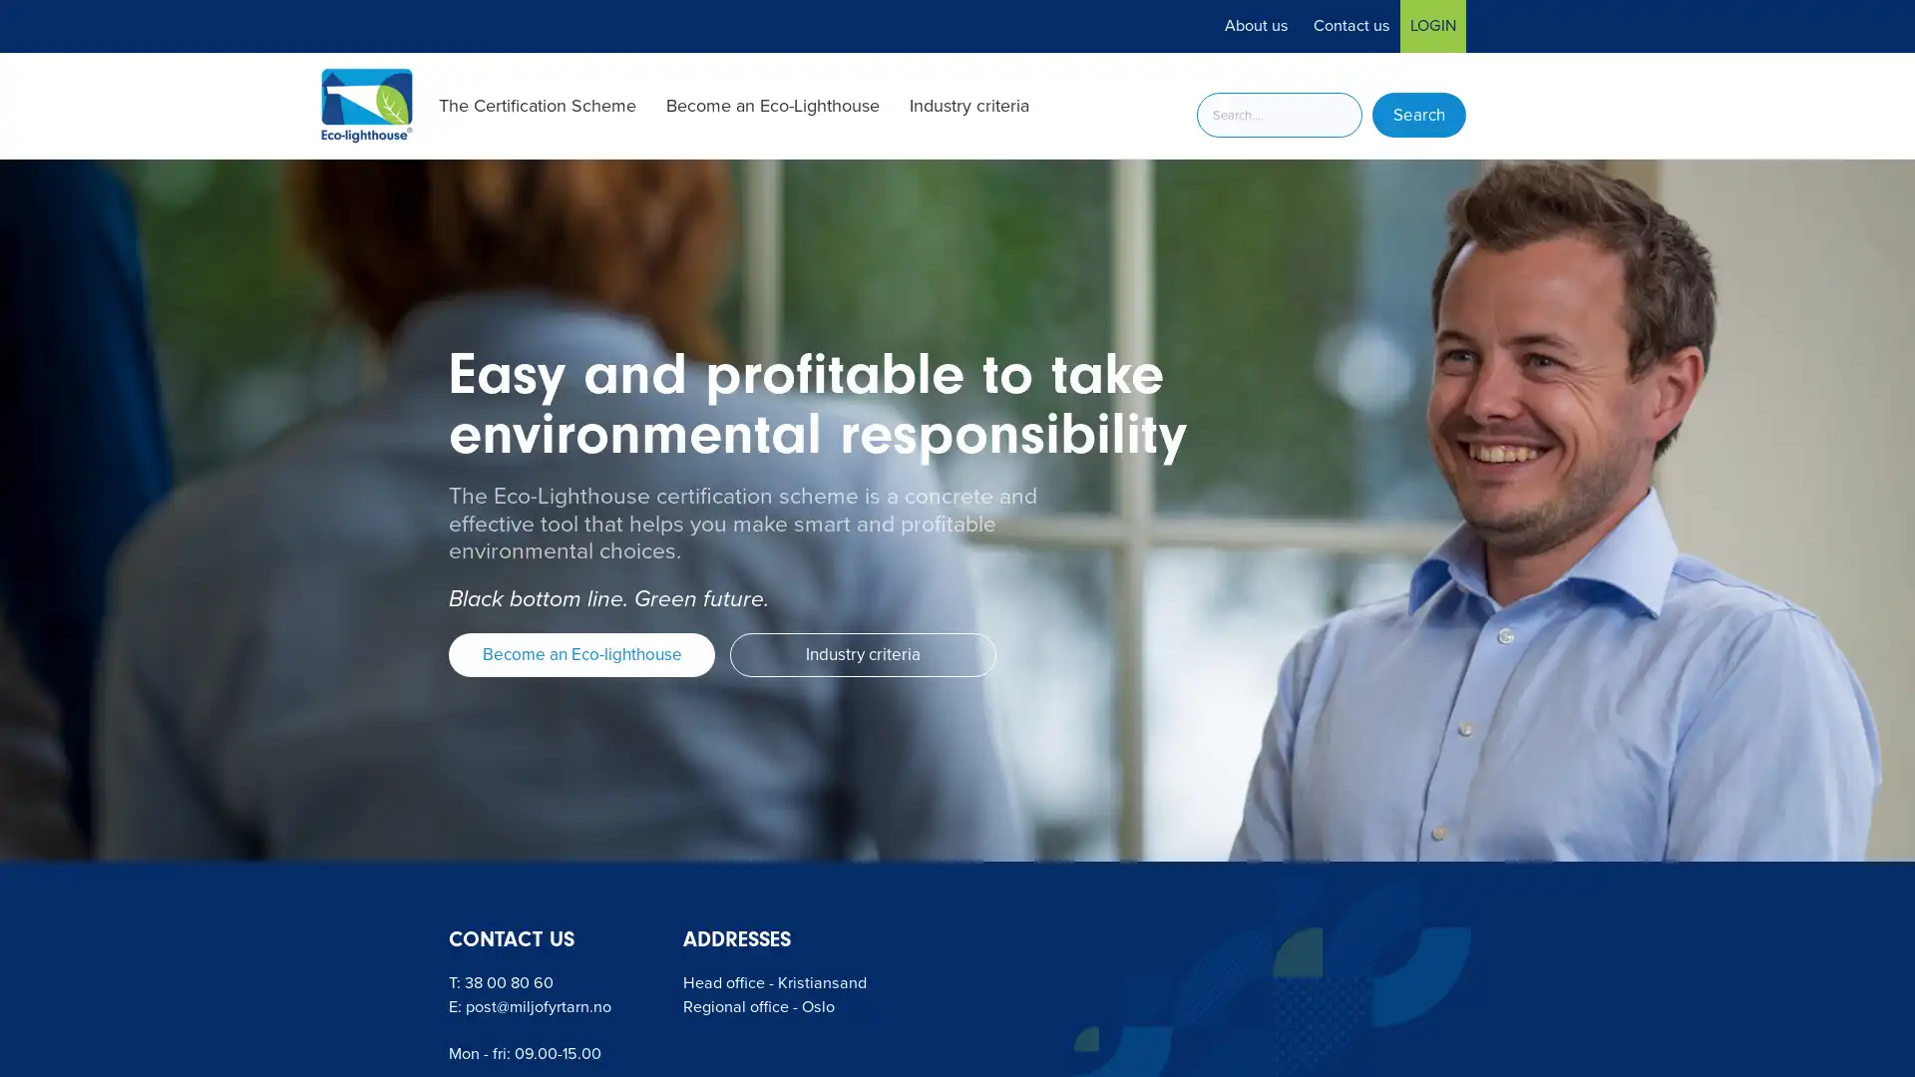 This screenshot has width=1915, height=1077. What do you see at coordinates (1417, 115) in the screenshot?
I see `Search` at bounding box center [1417, 115].